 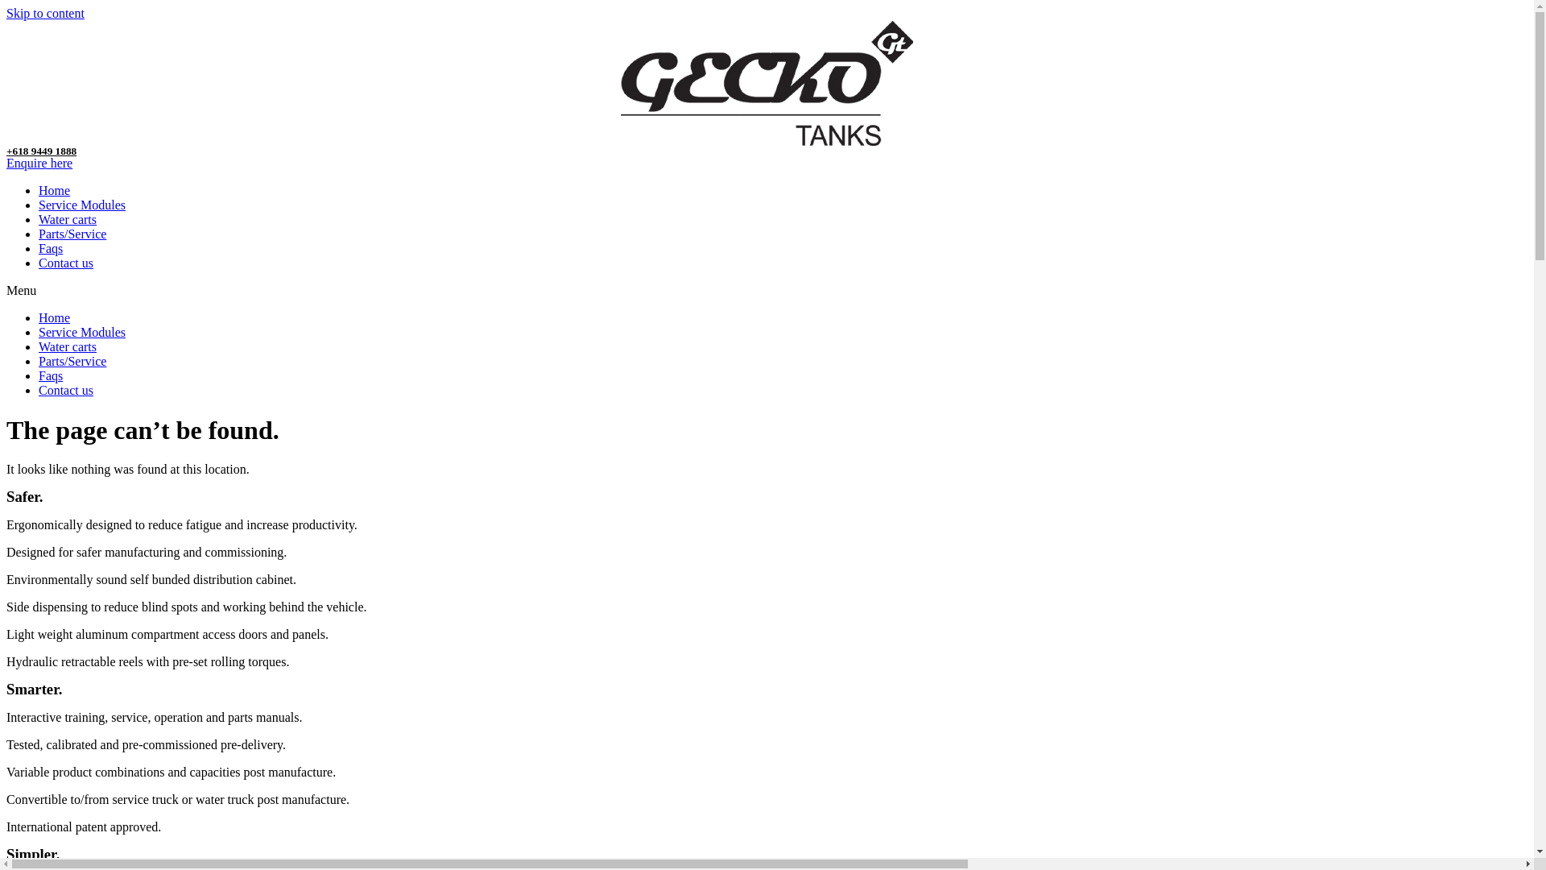 I want to click on 'Water carts', so click(x=39, y=346).